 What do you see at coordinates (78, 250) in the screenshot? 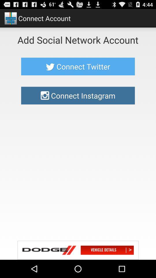
I see `dodge cars link` at bounding box center [78, 250].